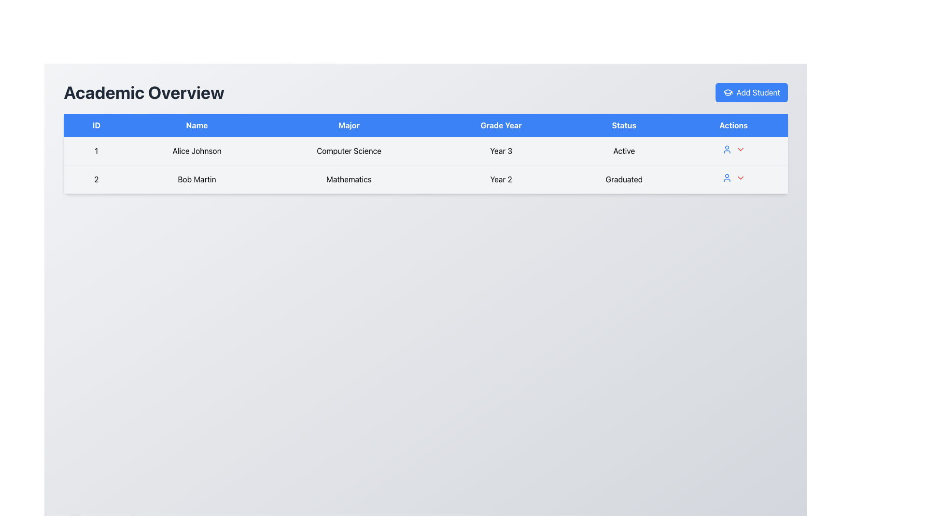 The width and height of the screenshot is (927, 521). Describe the element at coordinates (624, 124) in the screenshot. I see `the Table Header with the bold text 'Status' that has a blue background, located as the fifth column header in the table layout` at that location.